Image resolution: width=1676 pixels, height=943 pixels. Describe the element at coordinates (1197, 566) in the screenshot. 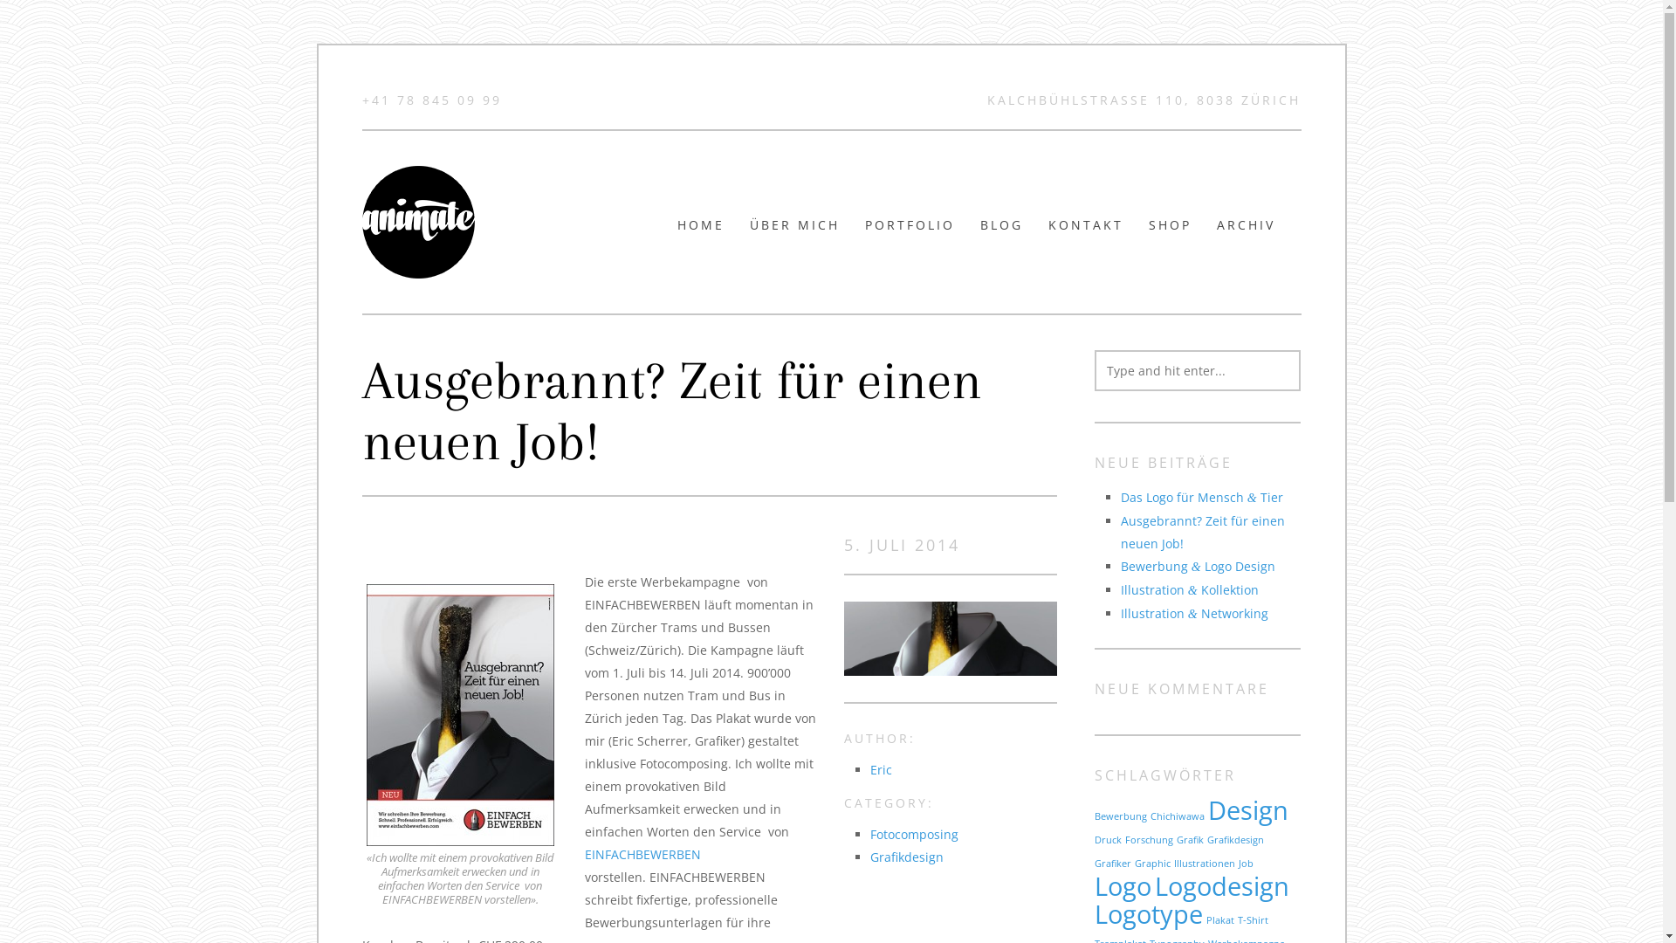

I see `'Bewerbung & Logo Design'` at that location.